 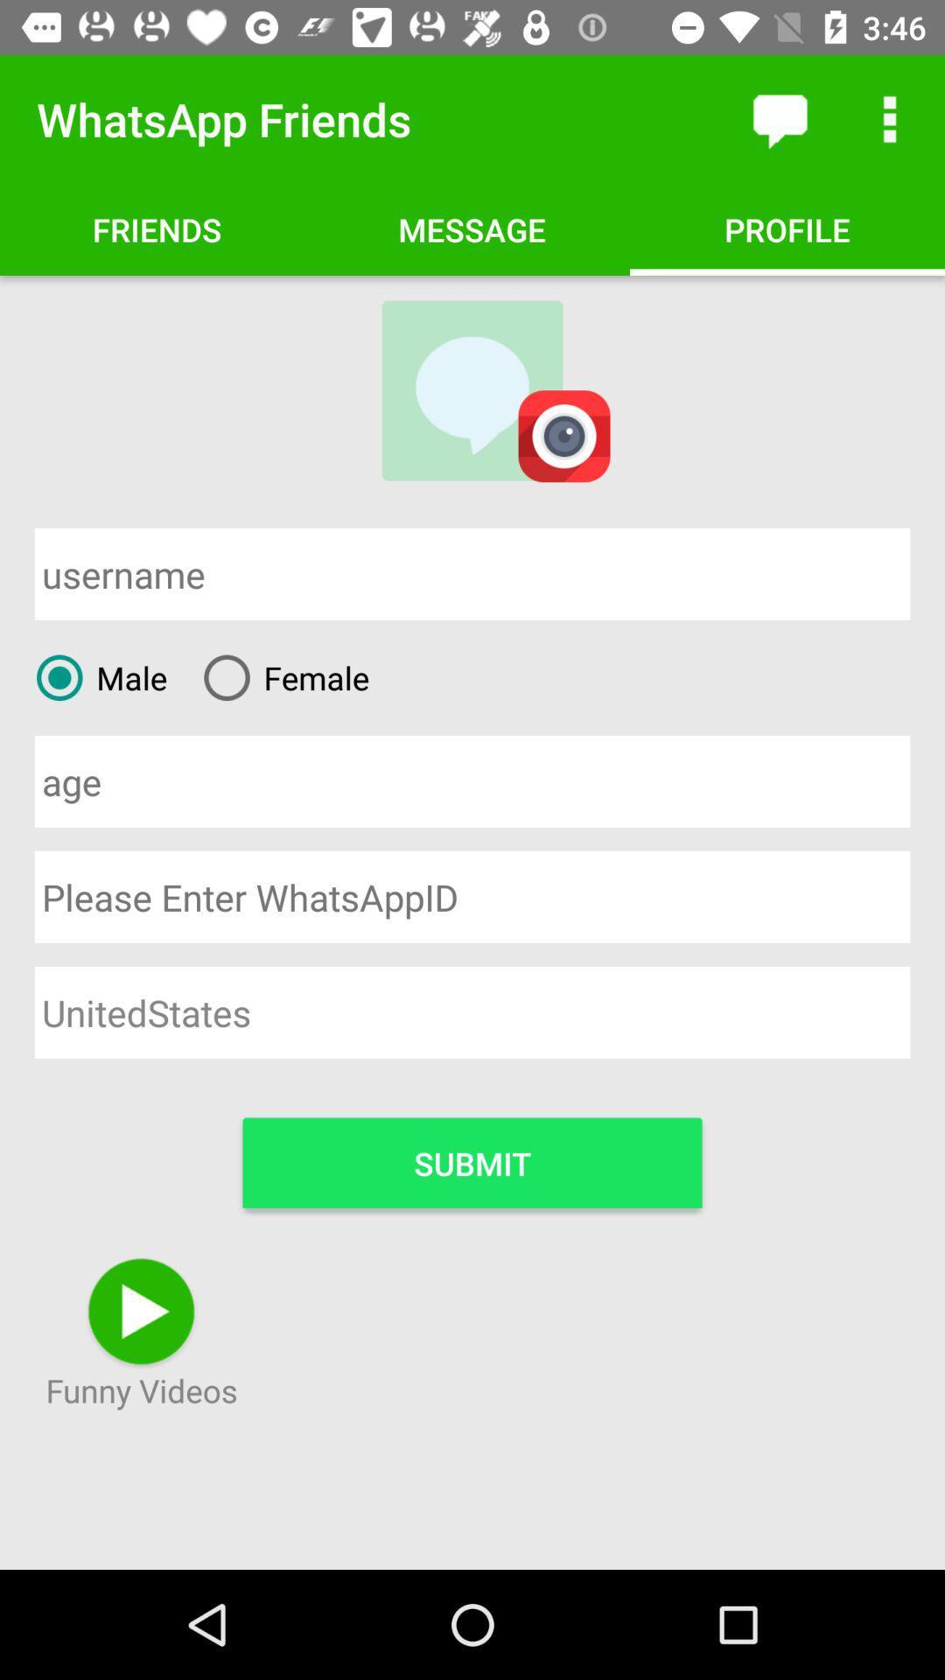 What do you see at coordinates (779, 118) in the screenshot?
I see `direct message` at bounding box center [779, 118].